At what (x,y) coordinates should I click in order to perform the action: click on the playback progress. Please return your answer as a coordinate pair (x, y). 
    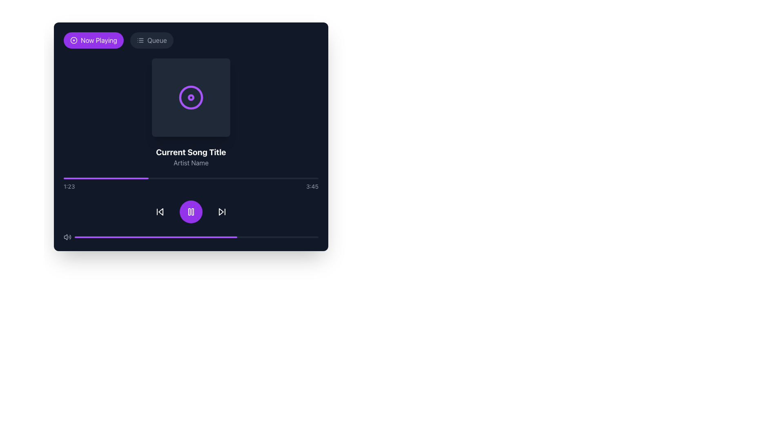
    Looking at the image, I should click on (219, 178).